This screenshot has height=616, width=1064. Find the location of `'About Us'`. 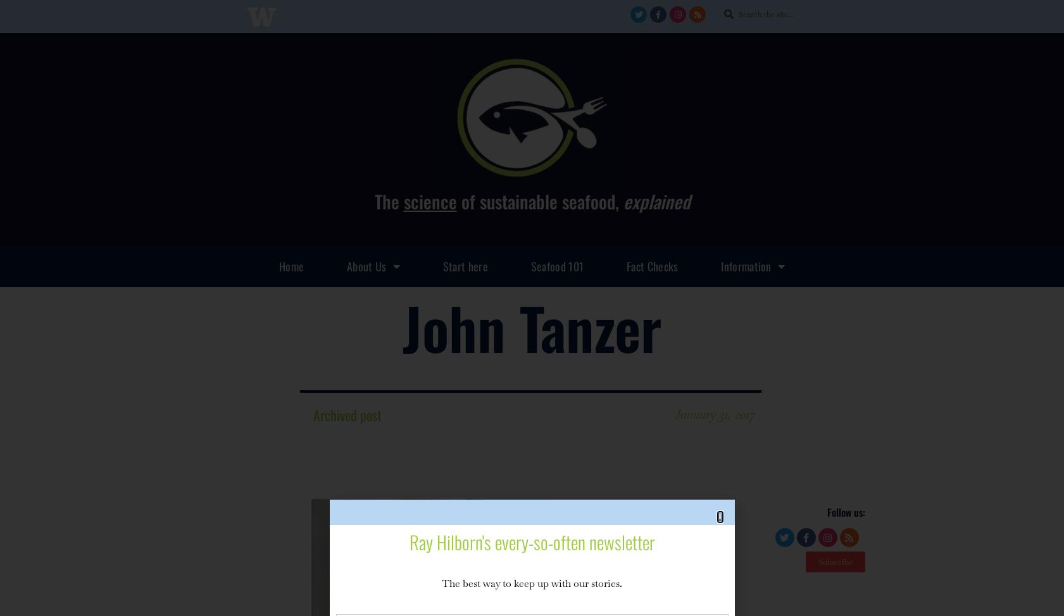

'About Us' is located at coordinates (346, 264).